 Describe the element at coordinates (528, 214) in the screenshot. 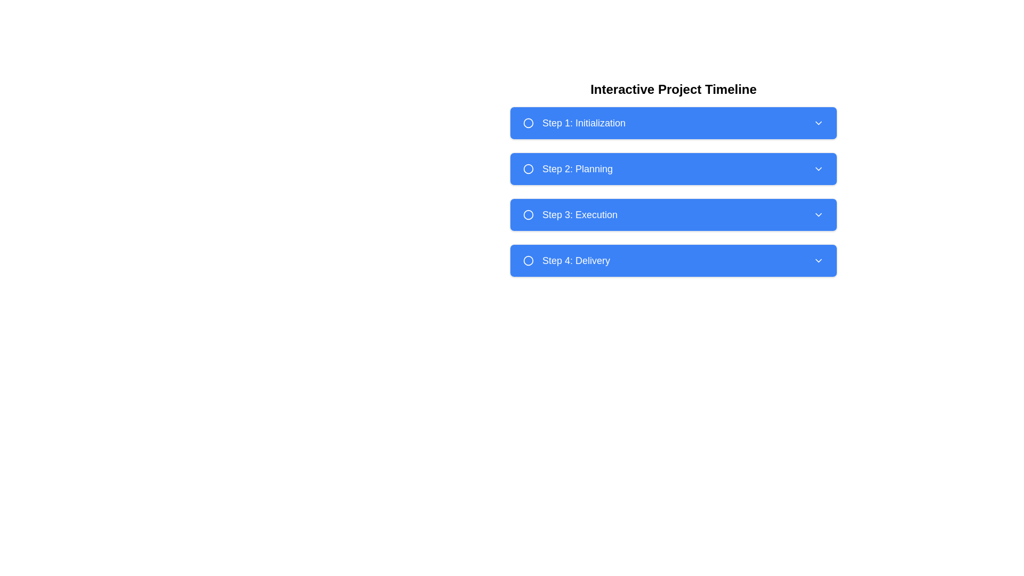

I see `the state of the graphical circle element within the 'Step 3: Execution' section, which is part of the SVG icon and indicates a non-interactive state` at that location.